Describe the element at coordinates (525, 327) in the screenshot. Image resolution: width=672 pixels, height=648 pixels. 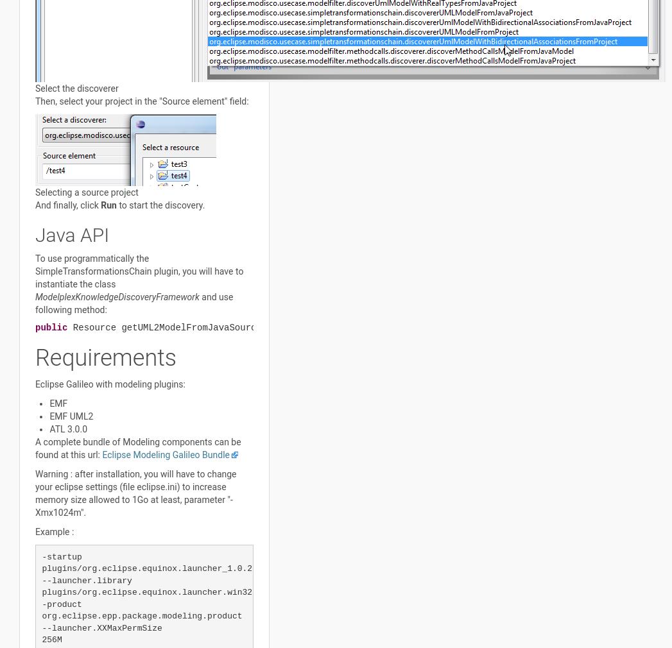
I see `'throws'` at that location.